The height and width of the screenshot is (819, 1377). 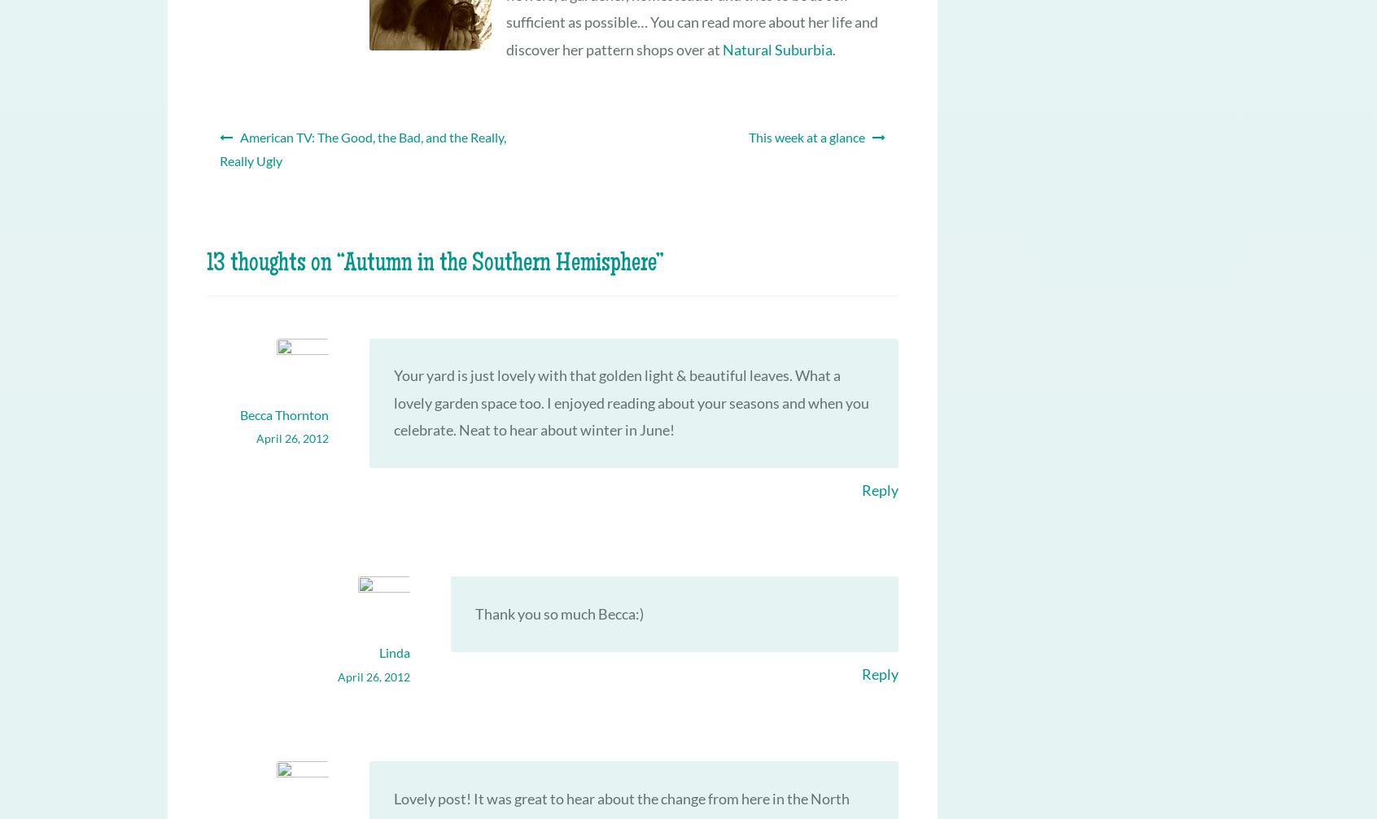 What do you see at coordinates (249, 129) in the screenshot?
I see `'Post navigation'` at bounding box center [249, 129].